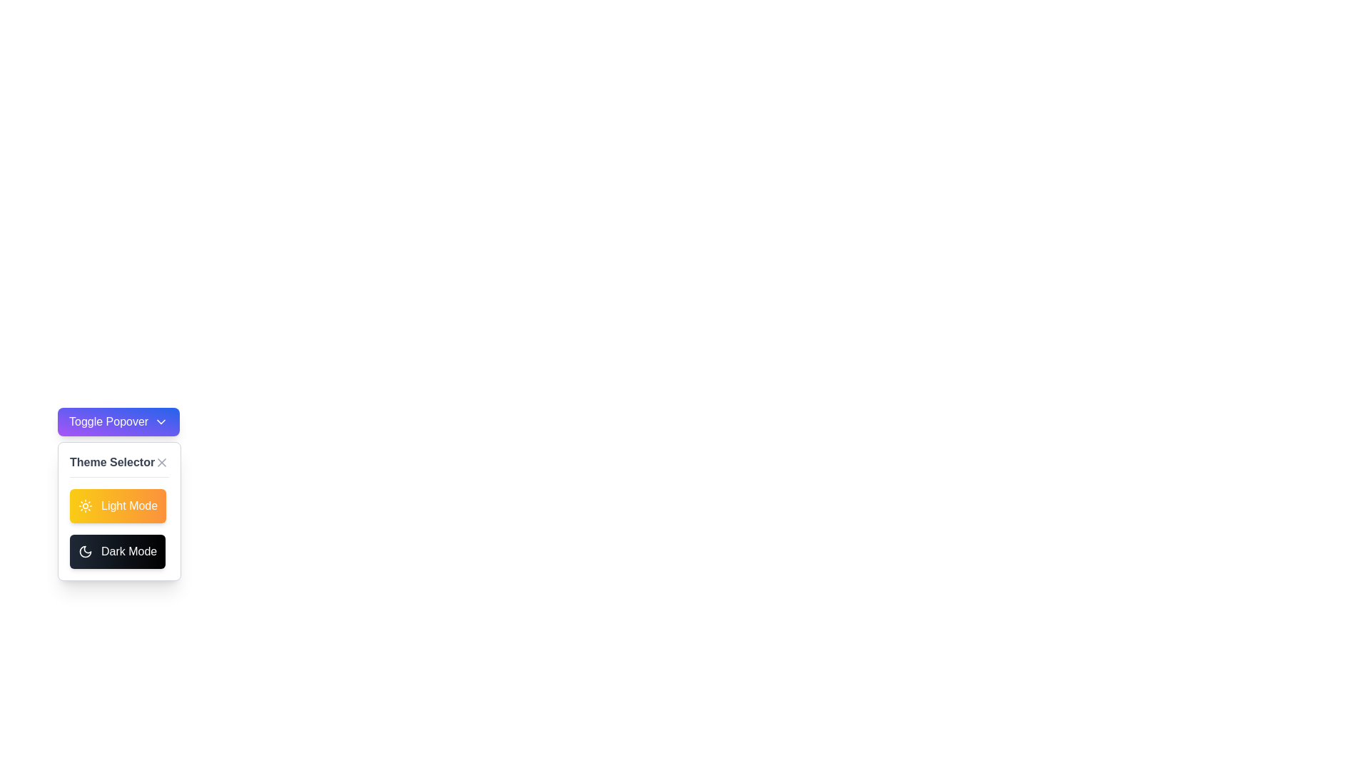 This screenshot has width=1370, height=770. I want to click on the gray circular button with a small 'X' symbol located, so click(162, 462).